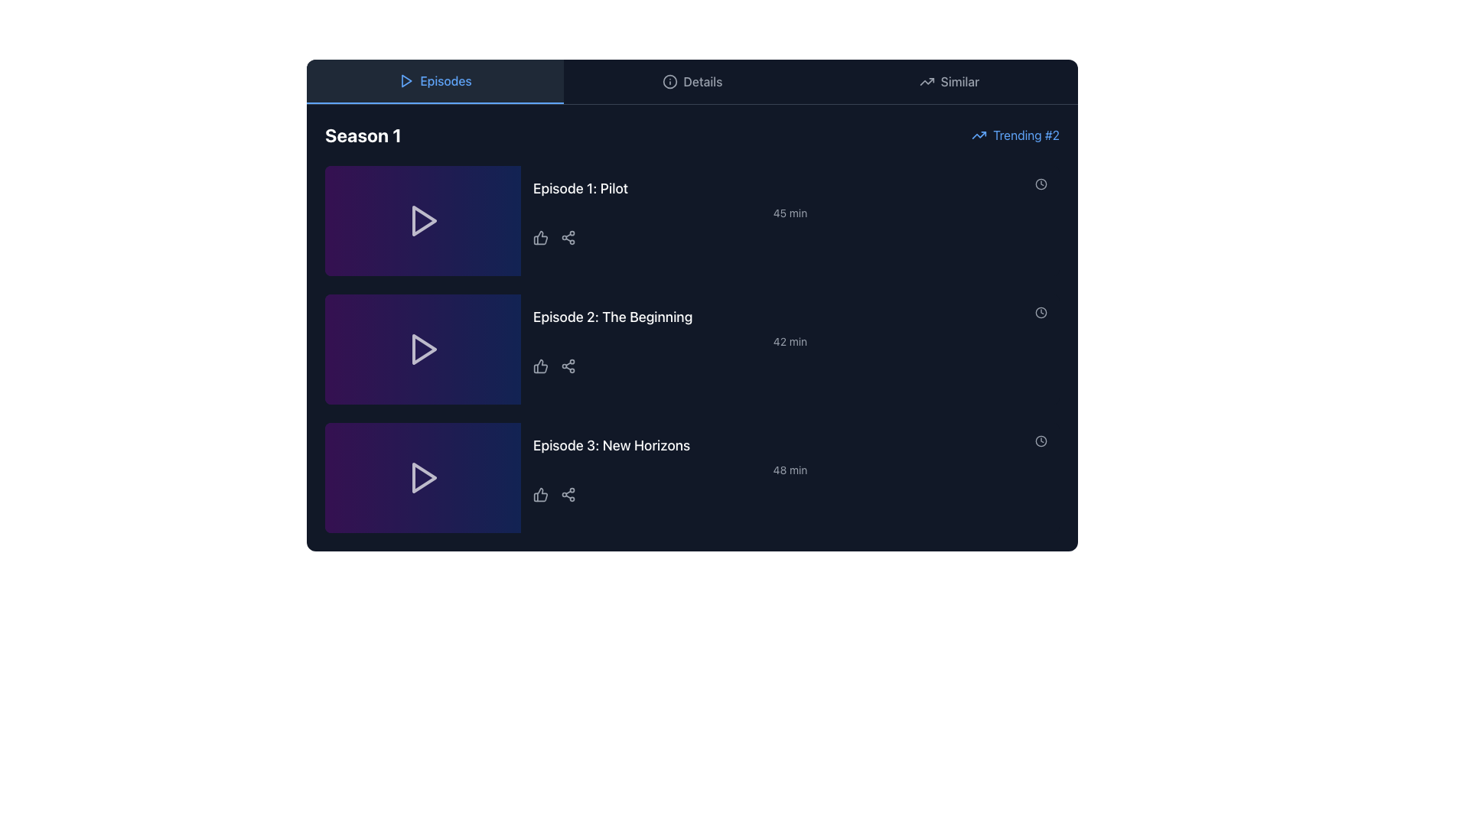 The width and height of the screenshot is (1469, 826). What do you see at coordinates (540, 495) in the screenshot?
I see `the 'thumbs-up' button icon, which is gray and turns blue on hover, located to the left of the action icons for 'Episode 3: New Horizons'` at bounding box center [540, 495].